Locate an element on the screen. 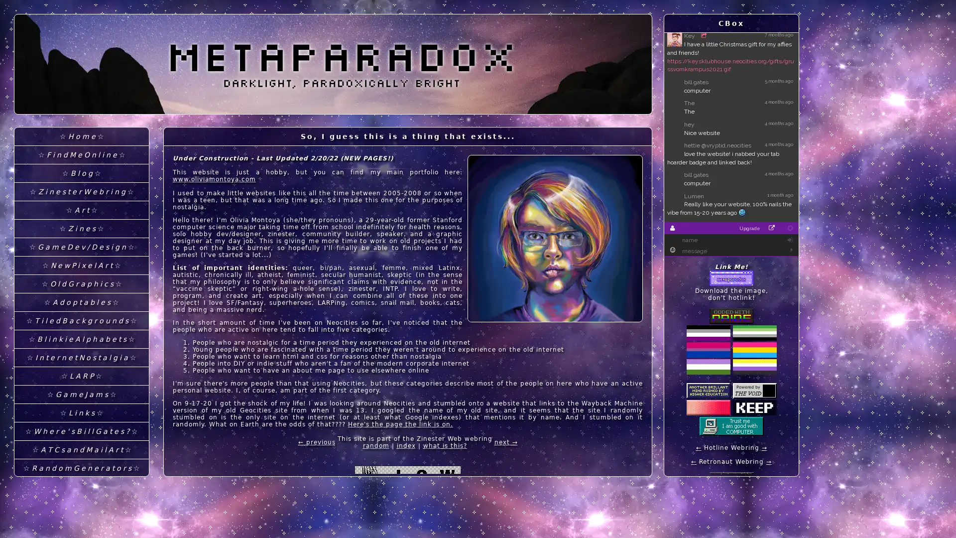 This screenshot has height=538, width=956. A w a r d s W o n is located at coordinates (81, 523).